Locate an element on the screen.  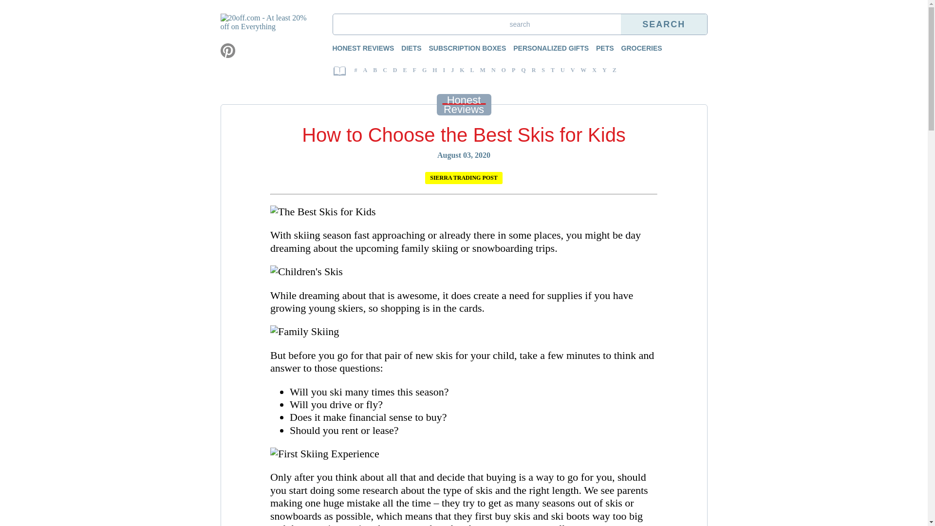
'G' is located at coordinates (424, 70).